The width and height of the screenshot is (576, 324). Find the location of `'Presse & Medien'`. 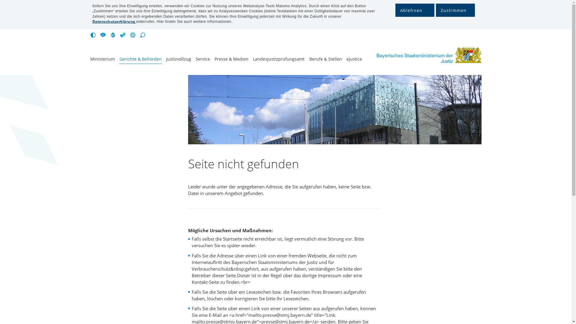

'Presse & Medien' is located at coordinates (231, 60).